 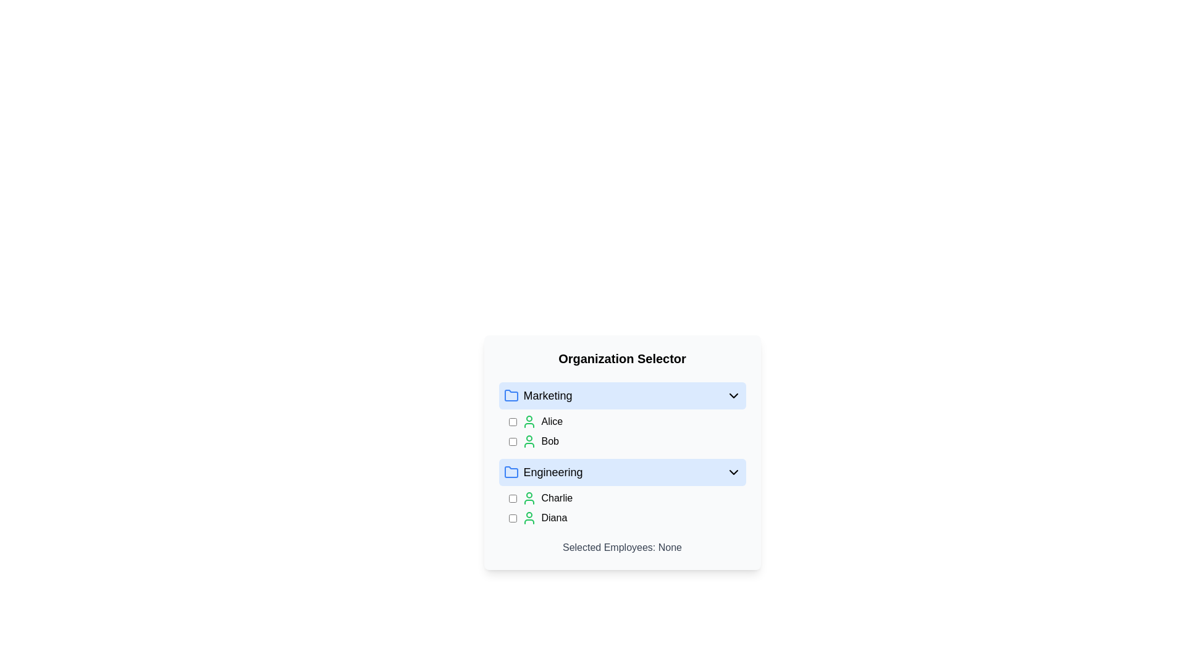 I want to click on the user silhouette icon with a green stroke color next to the label 'Bob' in the 'Marketing' section of the 'Organization Selector', so click(x=529, y=440).